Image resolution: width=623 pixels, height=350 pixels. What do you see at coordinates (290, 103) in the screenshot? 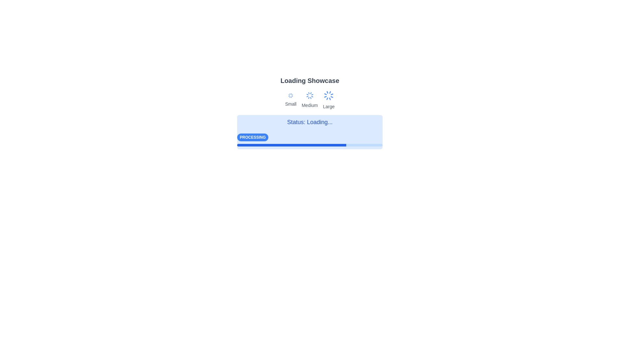
I see `the static text label that indicates the loader's size as 'Small', which is the first label in a sequence of three located below the spinning loader icons` at bounding box center [290, 103].